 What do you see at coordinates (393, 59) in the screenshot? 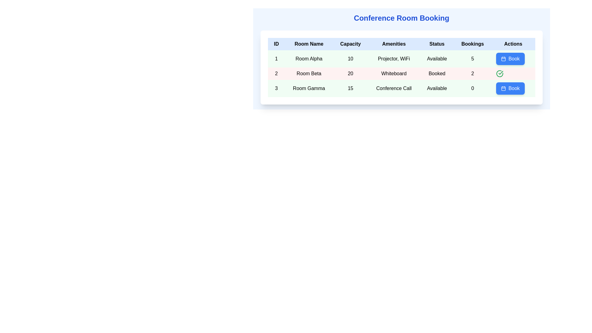
I see `the text label displaying 'Projector, WiFi' in the 'Amenities' column of the 'Conference Room Booking' table` at bounding box center [393, 59].